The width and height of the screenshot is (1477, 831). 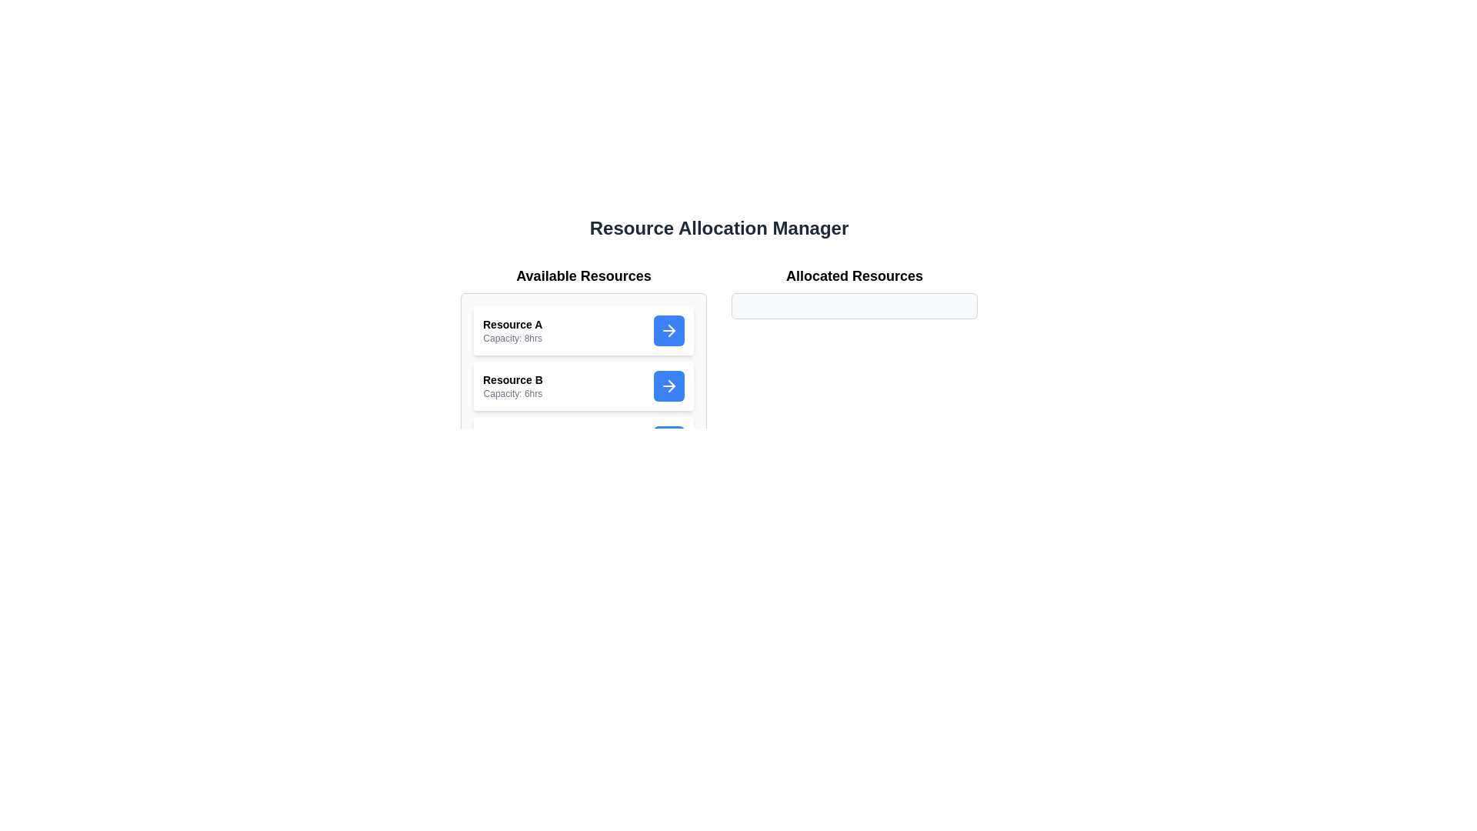 What do you see at coordinates (668, 385) in the screenshot?
I see `allocate button for Resource B to allocate the resource` at bounding box center [668, 385].